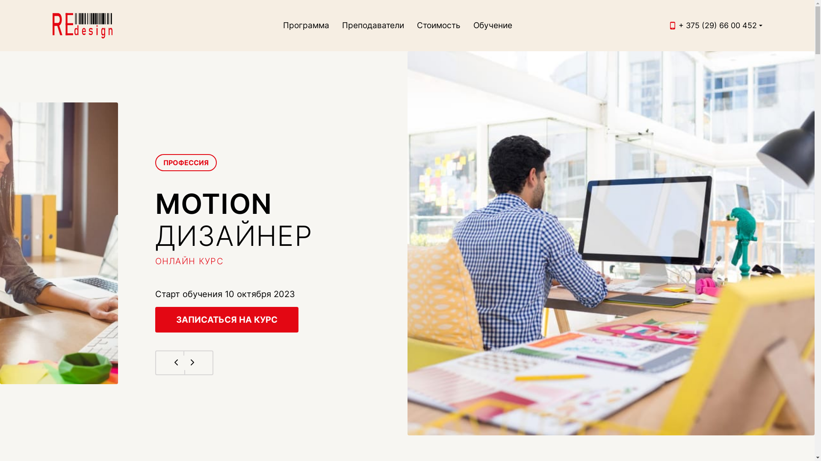 This screenshot has width=821, height=461. What do you see at coordinates (717, 25) in the screenshot?
I see `'+ 375 (29) 66 00 452'` at bounding box center [717, 25].